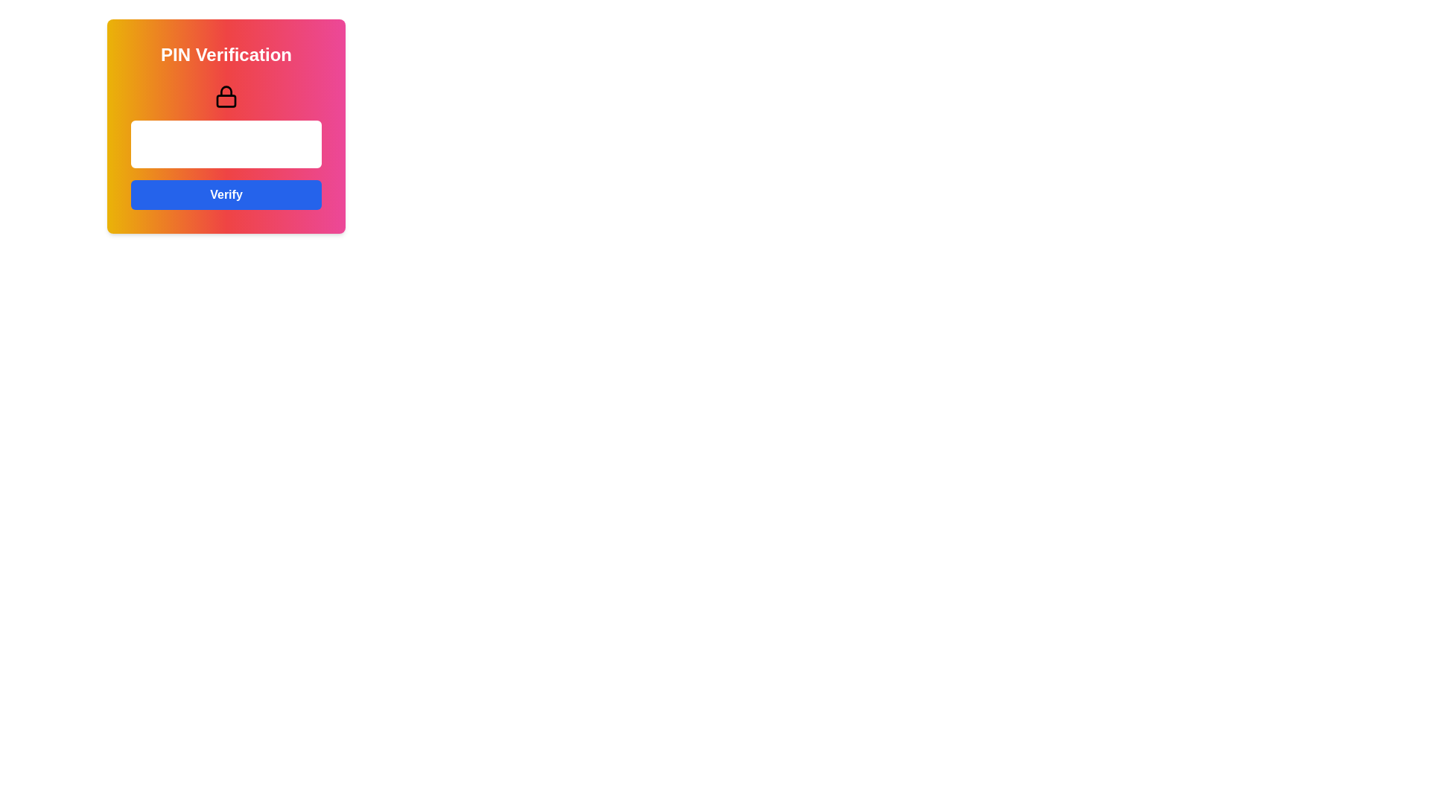 Image resolution: width=1430 pixels, height=804 pixels. Describe the element at coordinates (225, 100) in the screenshot. I see `the decorative shape inside the lock icon, located at the bottom area of the lock's body, which enhances its visual appeal to indicate security or restricted access` at that location.